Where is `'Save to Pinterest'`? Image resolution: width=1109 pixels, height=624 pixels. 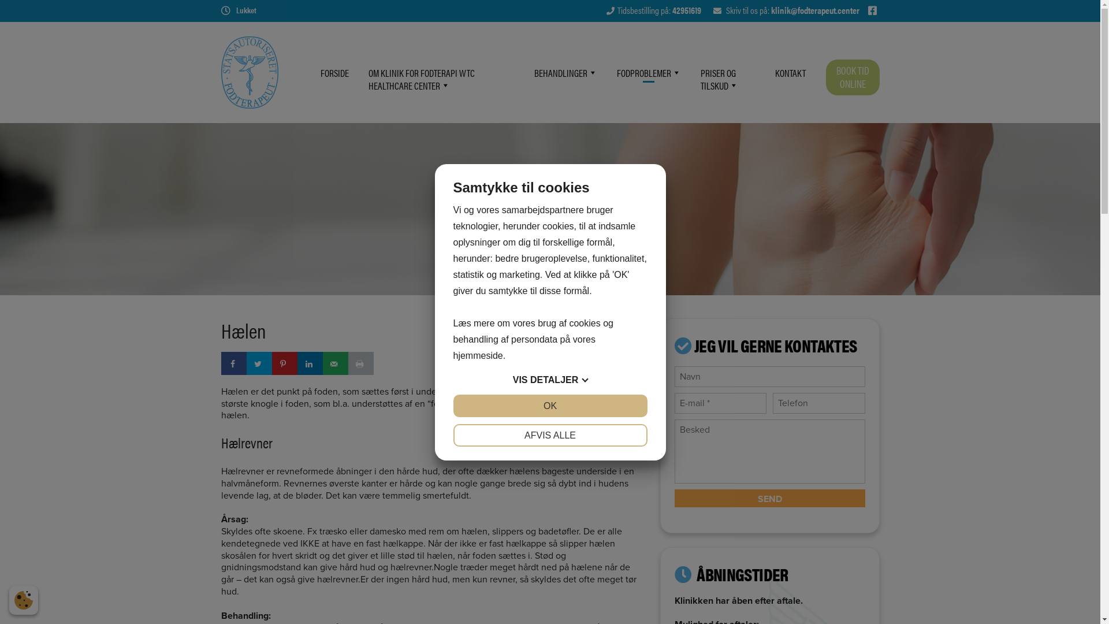
'Save to Pinterest' is located at coordinates (284, 362).